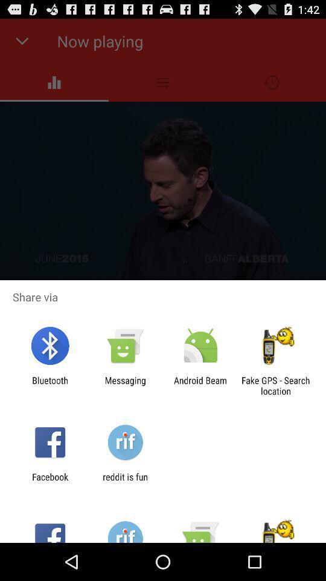  Describe the element at coordinates (124, 482) in the screenshot. I see `reddit is fun app` at that location.